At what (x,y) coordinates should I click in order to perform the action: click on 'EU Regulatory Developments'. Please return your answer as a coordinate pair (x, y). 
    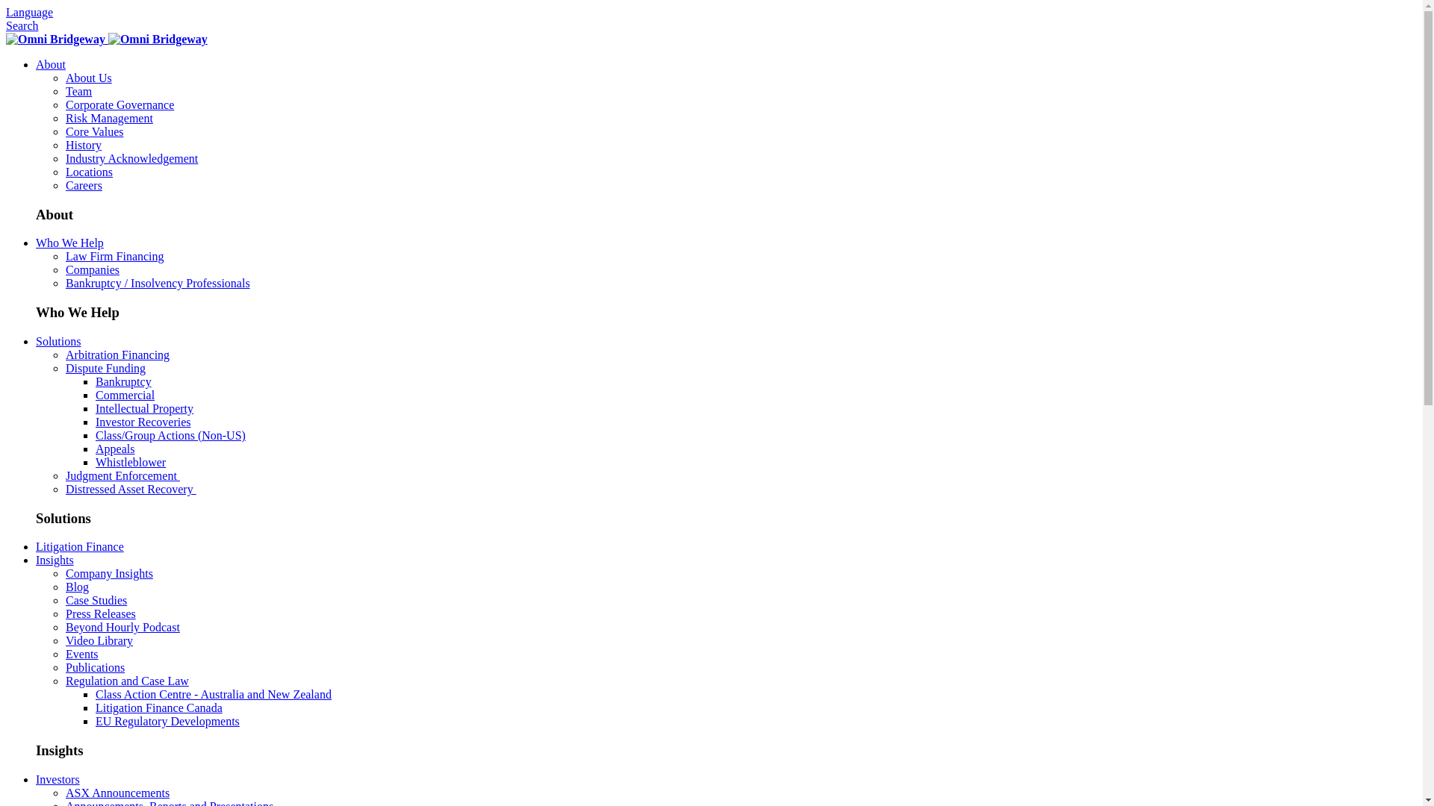
    Looking at the image, I should click on (167, 720).